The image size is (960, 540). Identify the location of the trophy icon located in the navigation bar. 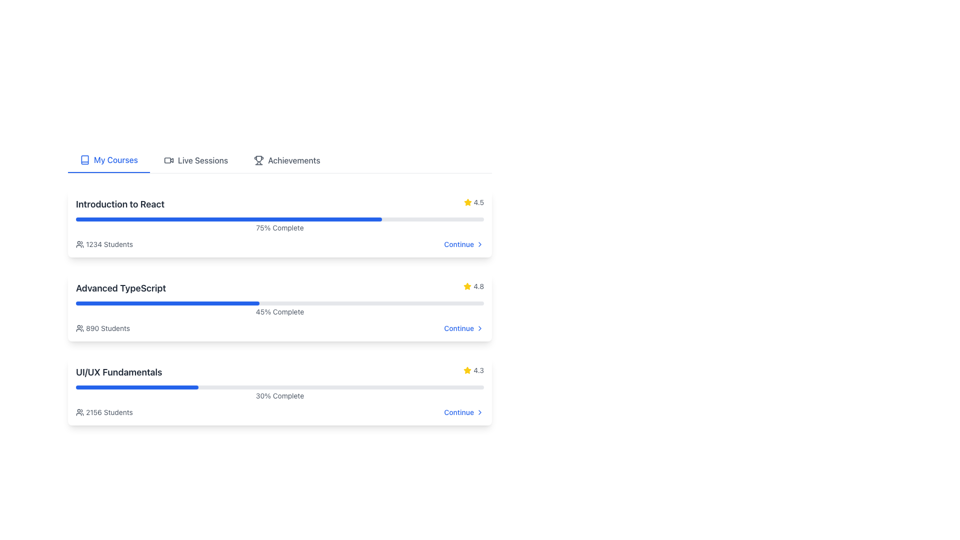
(259, 159).